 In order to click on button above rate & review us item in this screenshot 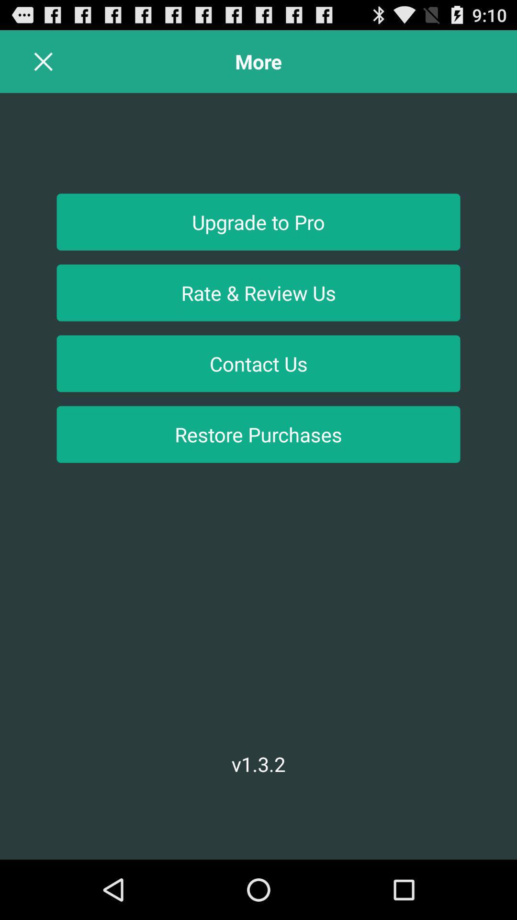, I will do `click(258, 221)`.